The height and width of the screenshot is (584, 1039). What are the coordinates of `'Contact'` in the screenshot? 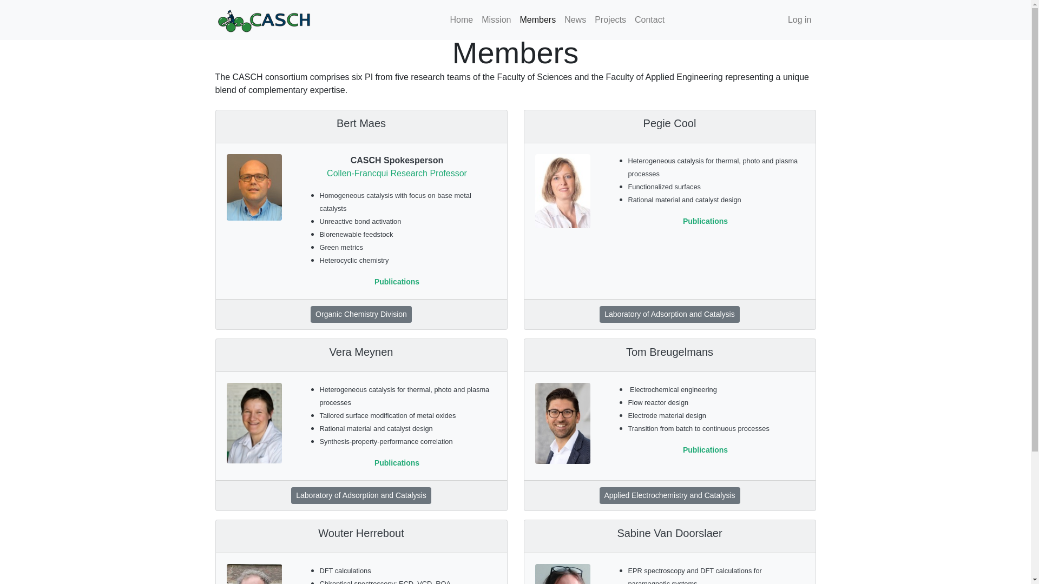 It's located at (649, 20).